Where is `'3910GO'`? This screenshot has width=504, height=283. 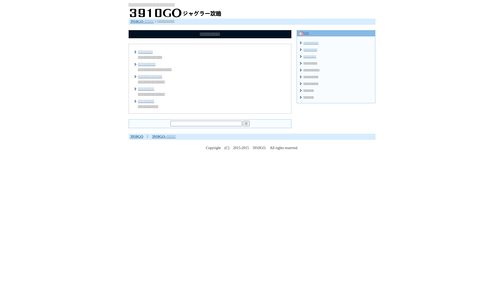
'3910GO' is located at coordinates (137, 136).